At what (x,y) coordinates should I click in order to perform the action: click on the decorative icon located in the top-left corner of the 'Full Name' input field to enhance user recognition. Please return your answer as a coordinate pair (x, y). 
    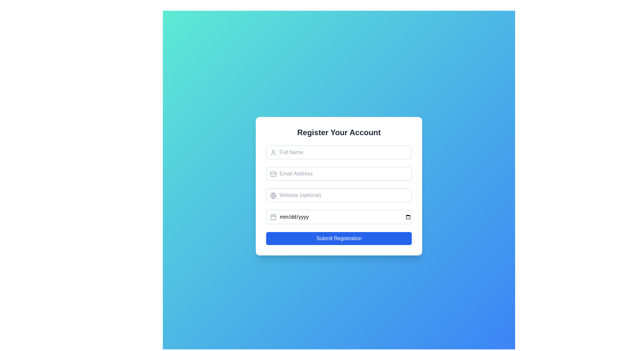
    Looking at the image, I should click on (273, 153).